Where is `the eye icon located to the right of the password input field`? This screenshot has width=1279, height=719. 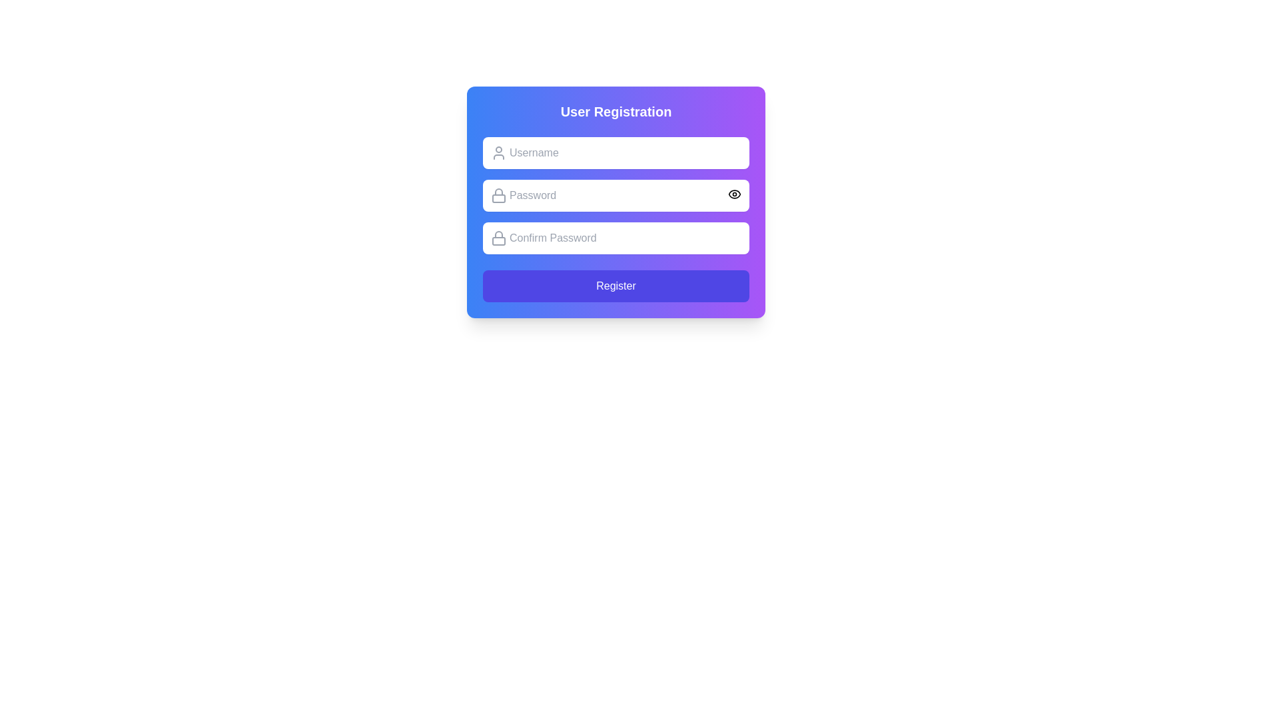
the eye icon located to the right of the password input field is located at coordinates (734, 194).